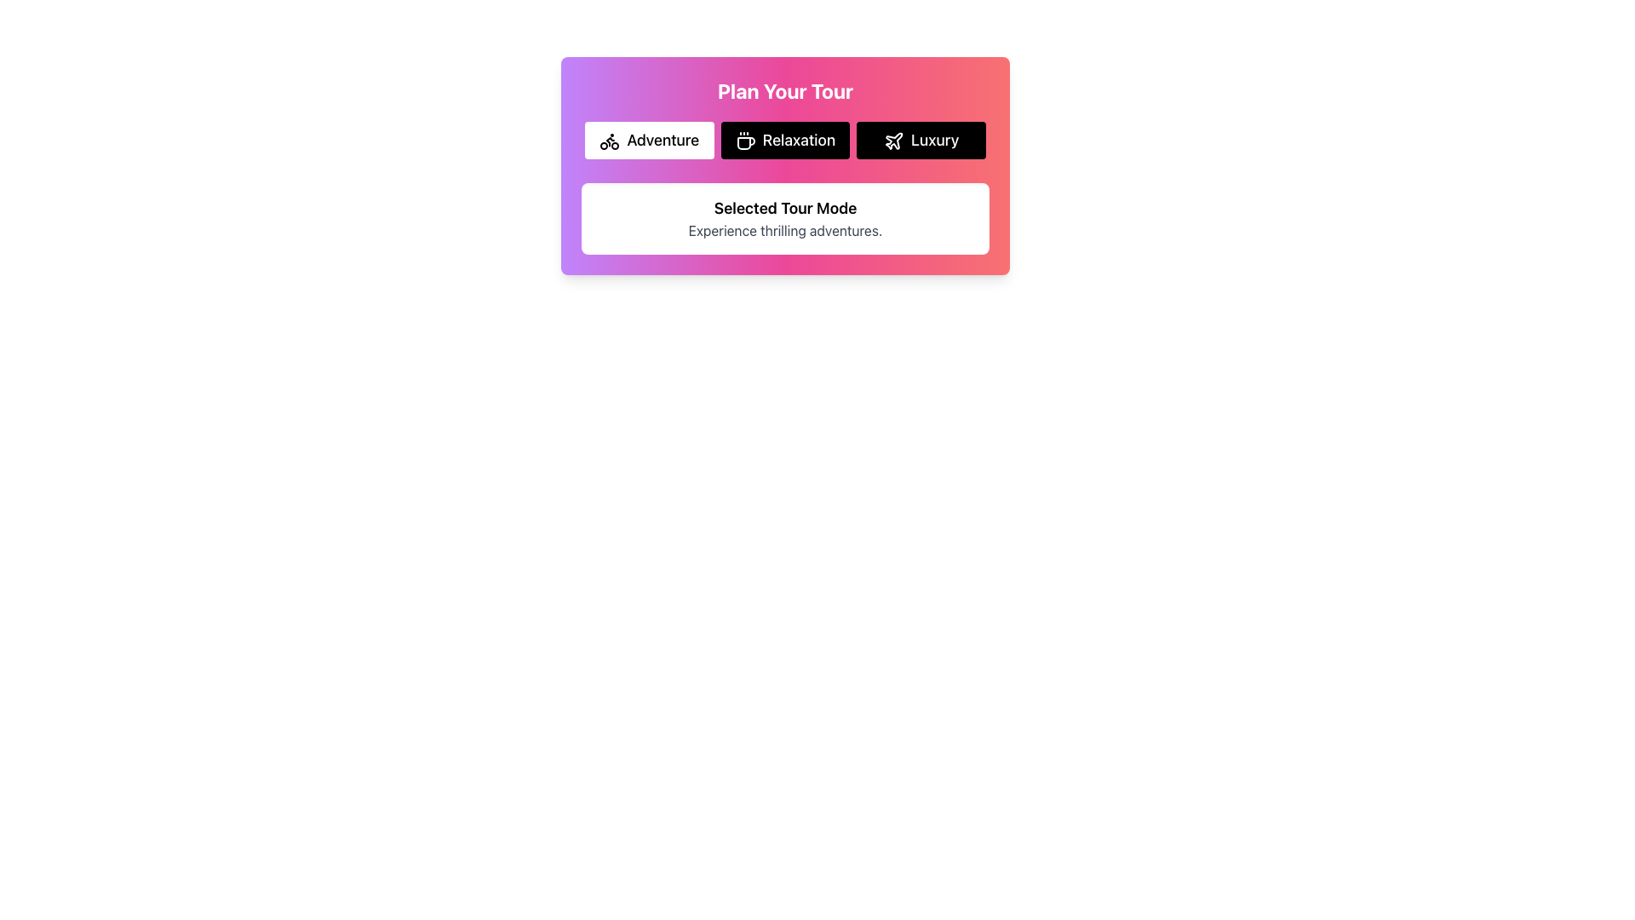 This screenshot has height=920, width=1635. Describe the element at coordinates (610, 141) in the screenshot. I see `the bike icon with a minimalist outline style located to the left of the 'Adventure' label in the 'Plan Your Tour' section` at that location.